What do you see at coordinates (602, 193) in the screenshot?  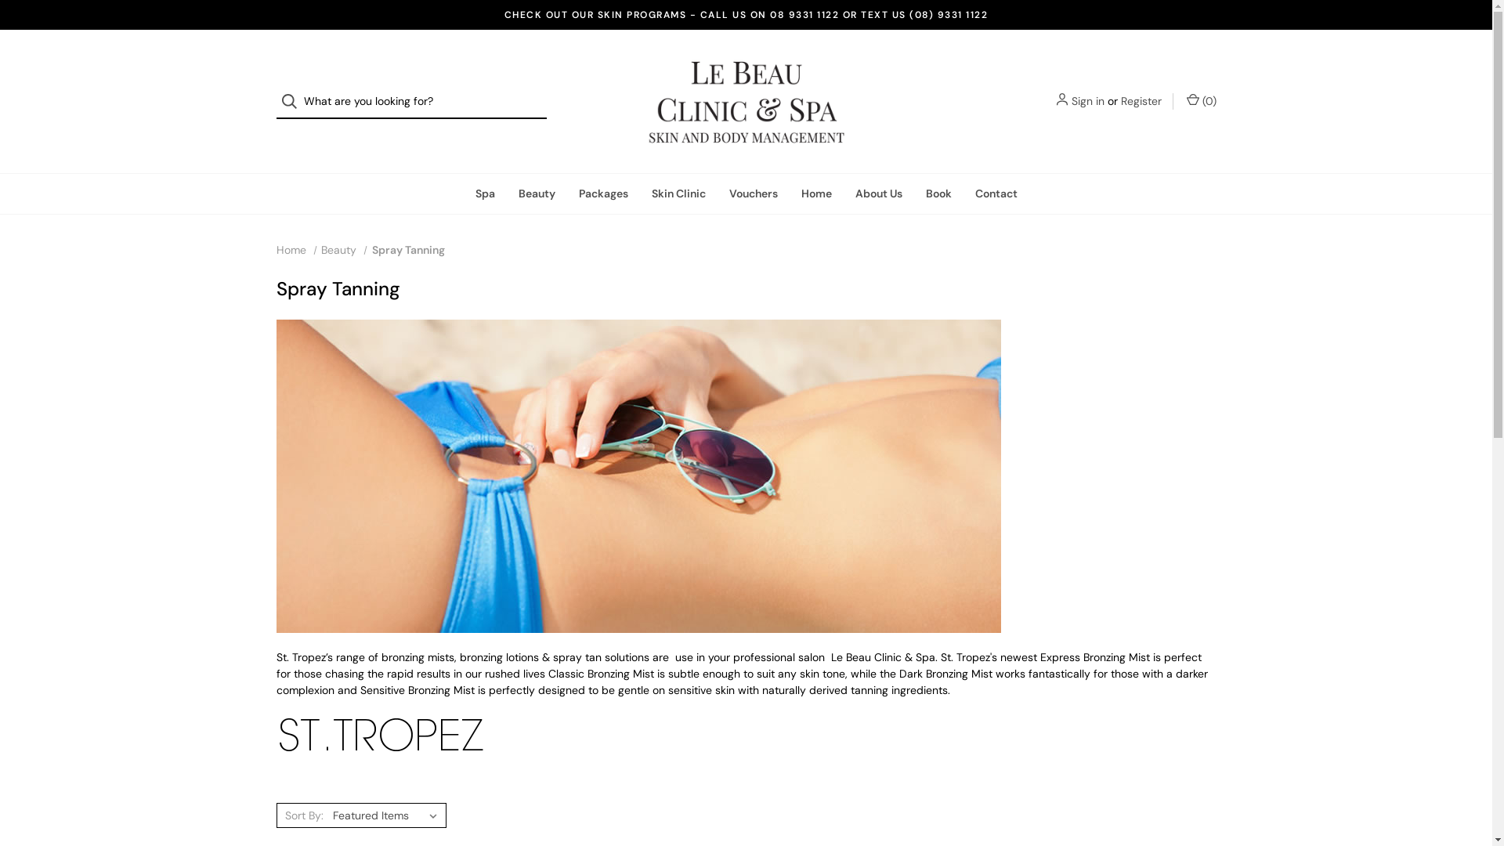 I see `'Packages'` at bounding box center [602, 193].